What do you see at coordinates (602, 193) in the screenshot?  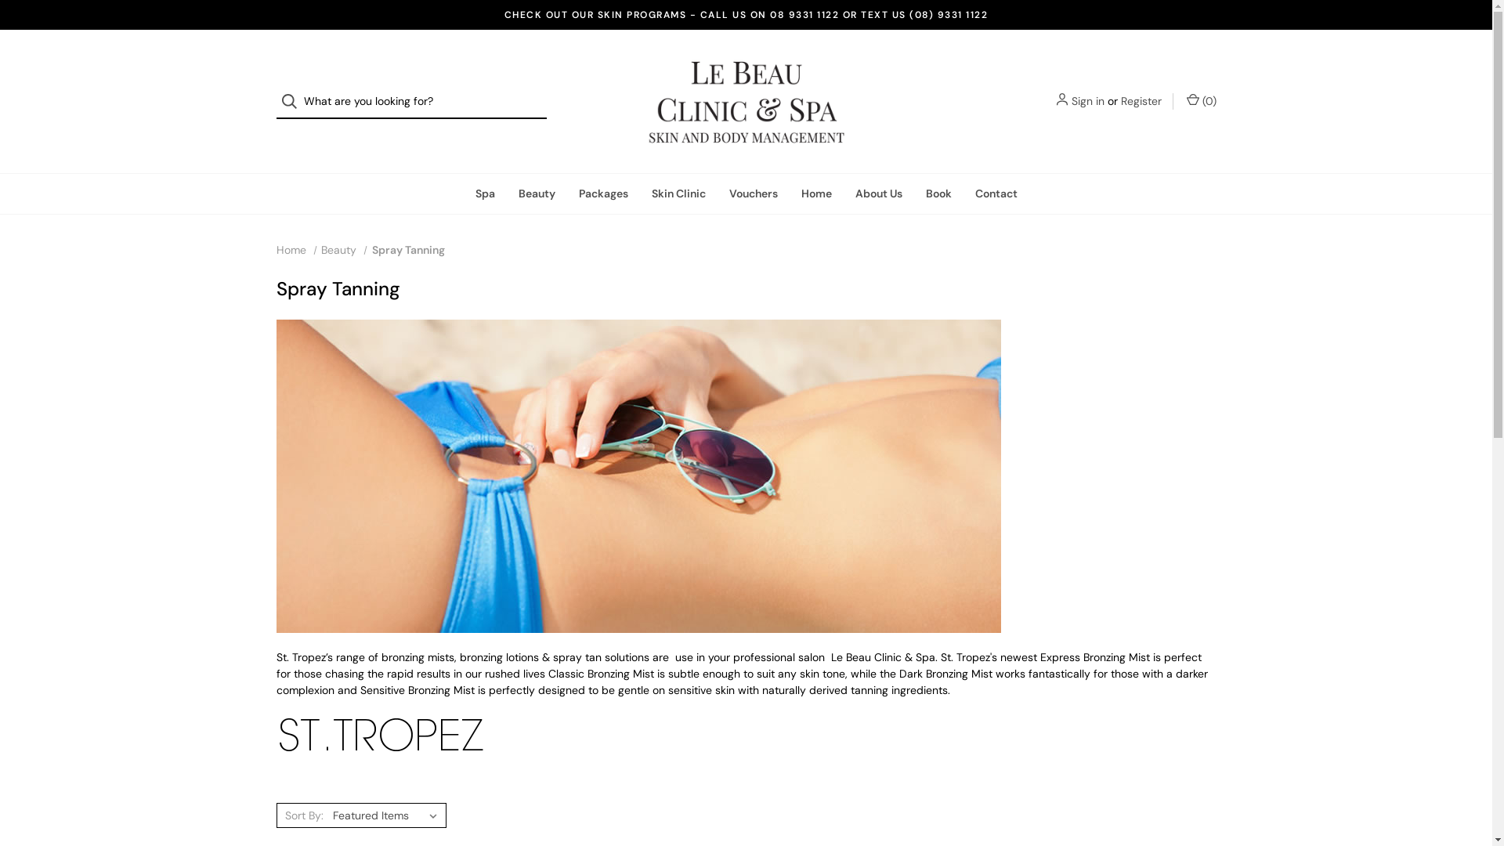 I see `'Packages'` at bounding box center [602, 193].